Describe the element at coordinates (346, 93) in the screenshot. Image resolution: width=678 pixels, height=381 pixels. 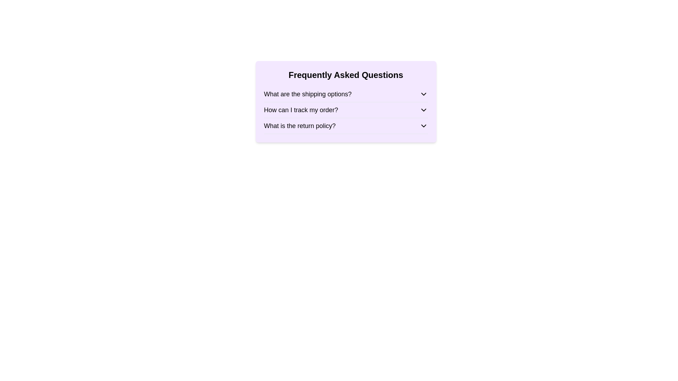
I see `the Toggle button labeled 'What are the shipping options?' with a downward arrow icon, located in the Frequently Asked Questions section` at that location.